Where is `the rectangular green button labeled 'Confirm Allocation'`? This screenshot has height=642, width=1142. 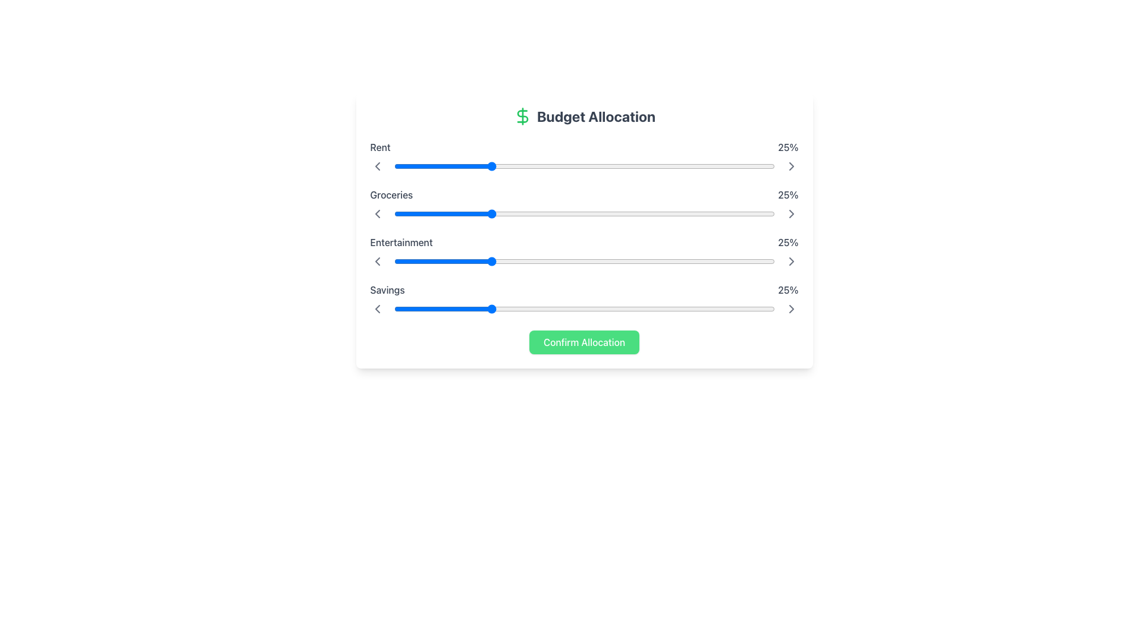 the rectangular green button labeled 'Confirm Allocation' is located at coordinates (584, 342).